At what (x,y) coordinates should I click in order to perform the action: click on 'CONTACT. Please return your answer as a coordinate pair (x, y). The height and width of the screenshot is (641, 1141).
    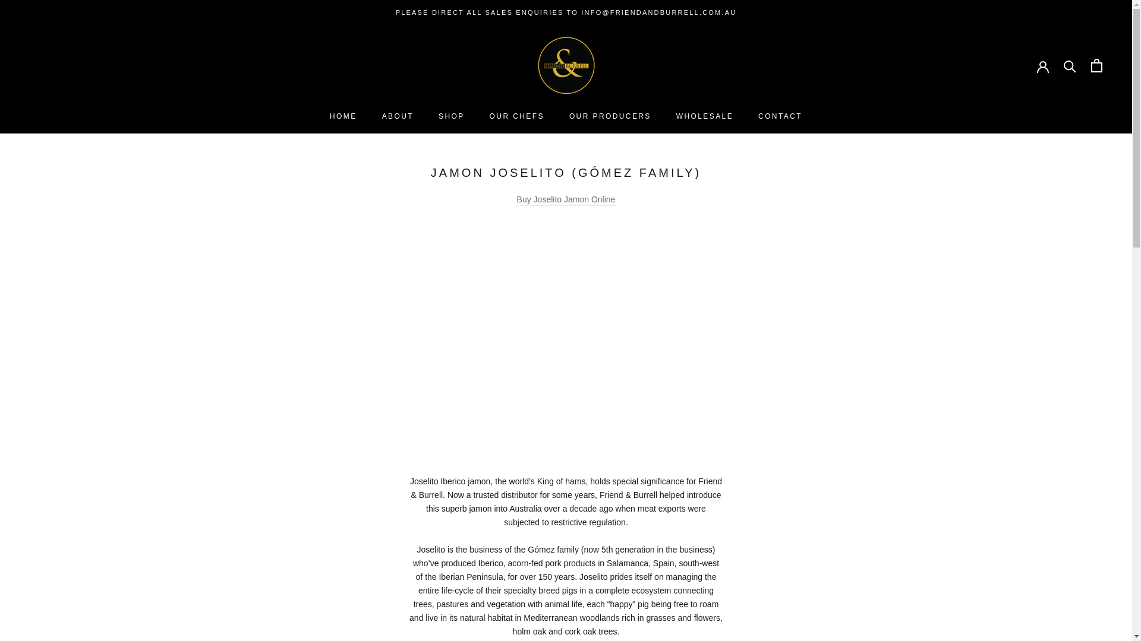
    Looking at the image, I should click on (780, 116).